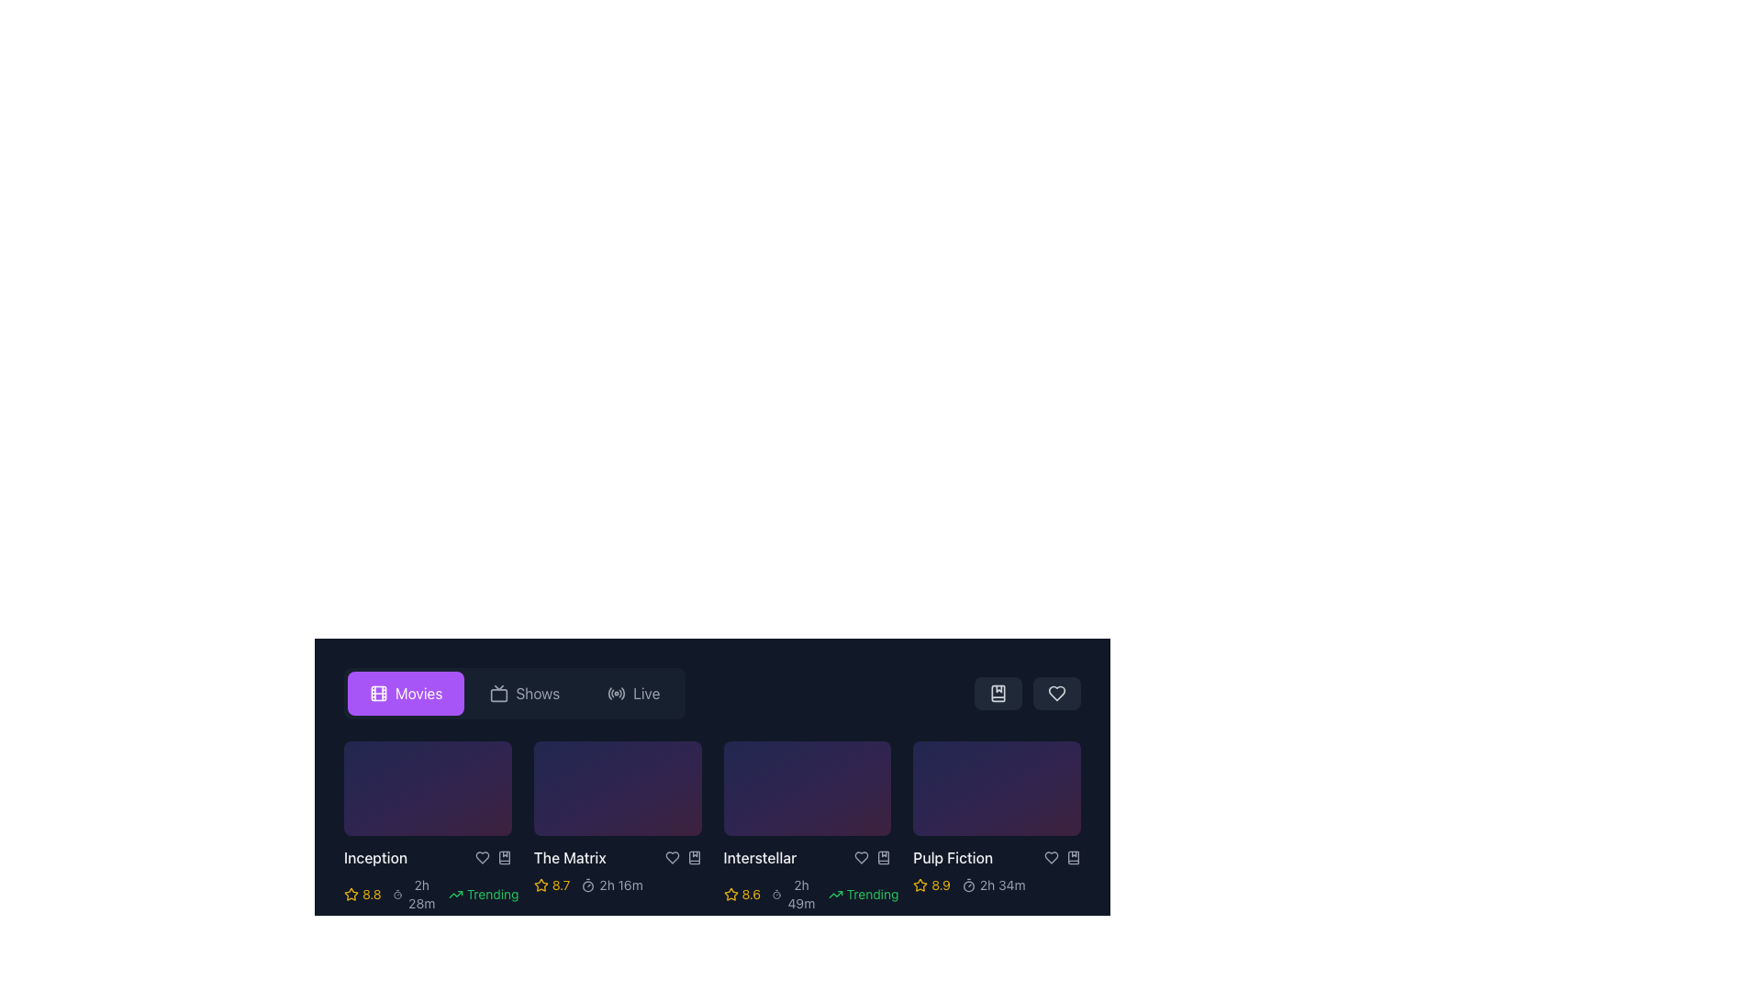 The image size is (1762, 991). I want to click on the star icon located to the left of the rating number '8.9' for the movie 'Pulp Fiction', which serves as a visual indicator for ratings, so click(920, 884).